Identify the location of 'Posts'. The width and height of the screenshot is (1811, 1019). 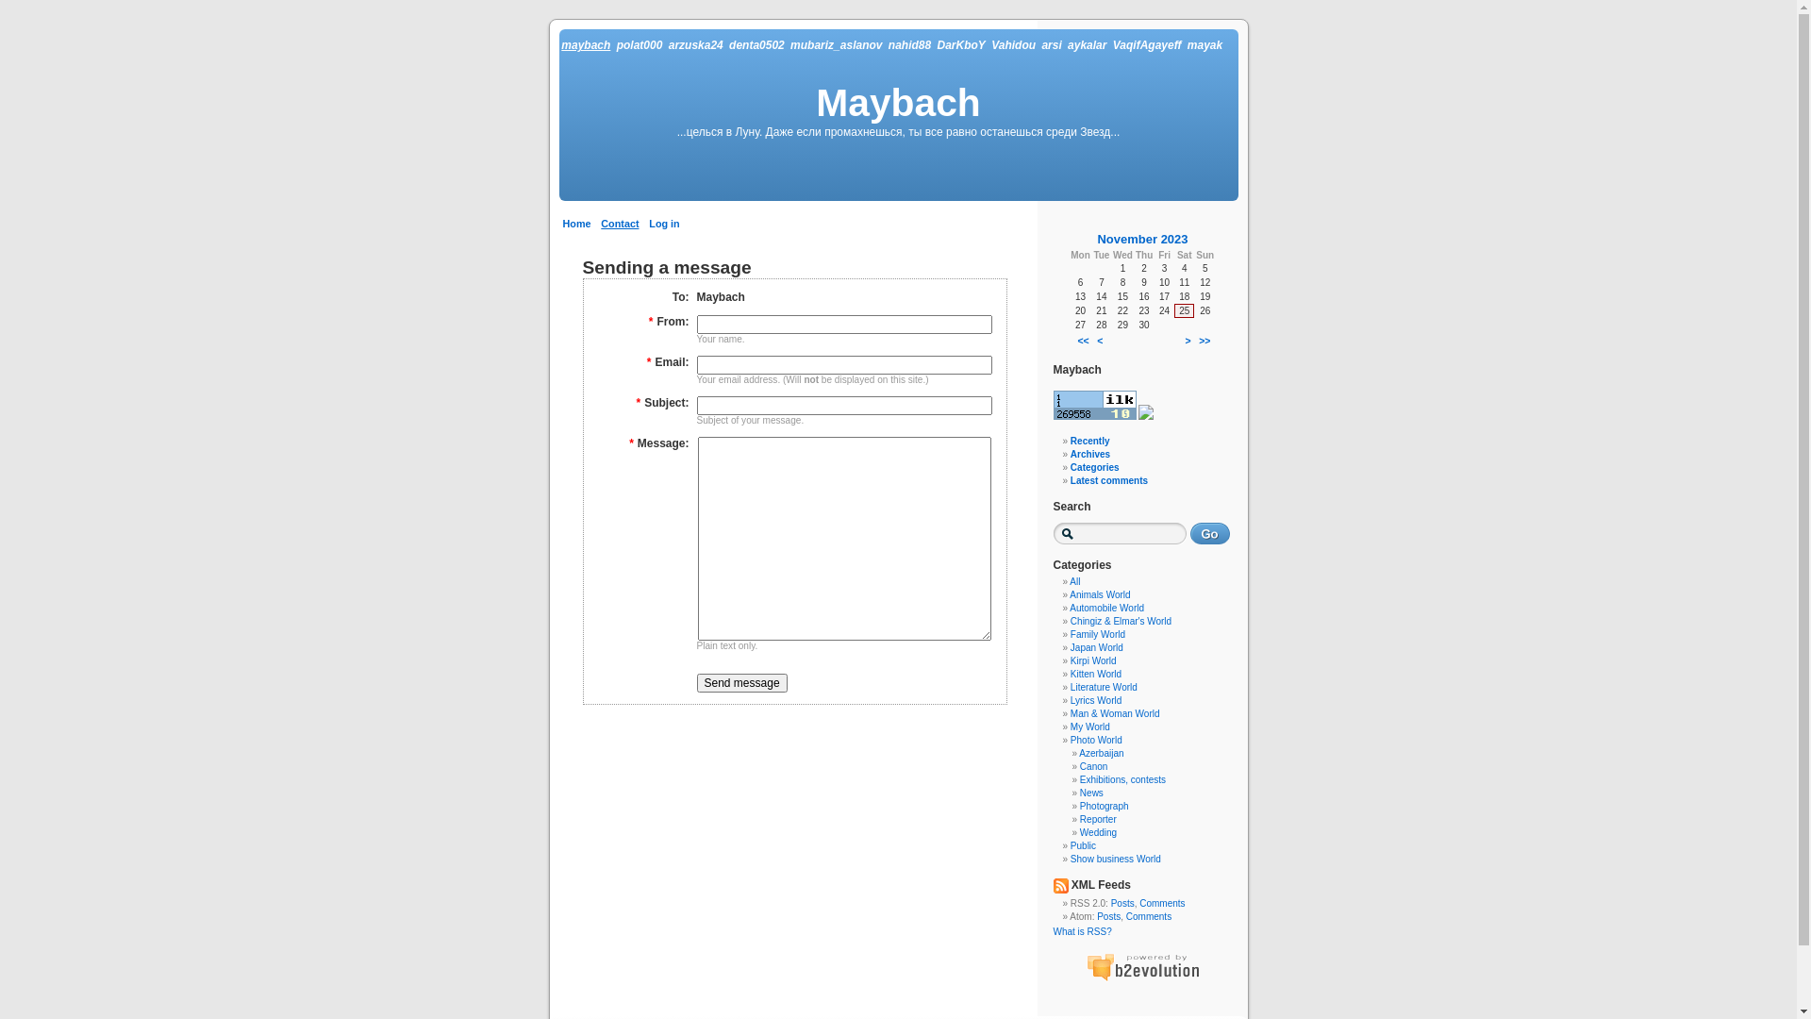
(1108, 915).